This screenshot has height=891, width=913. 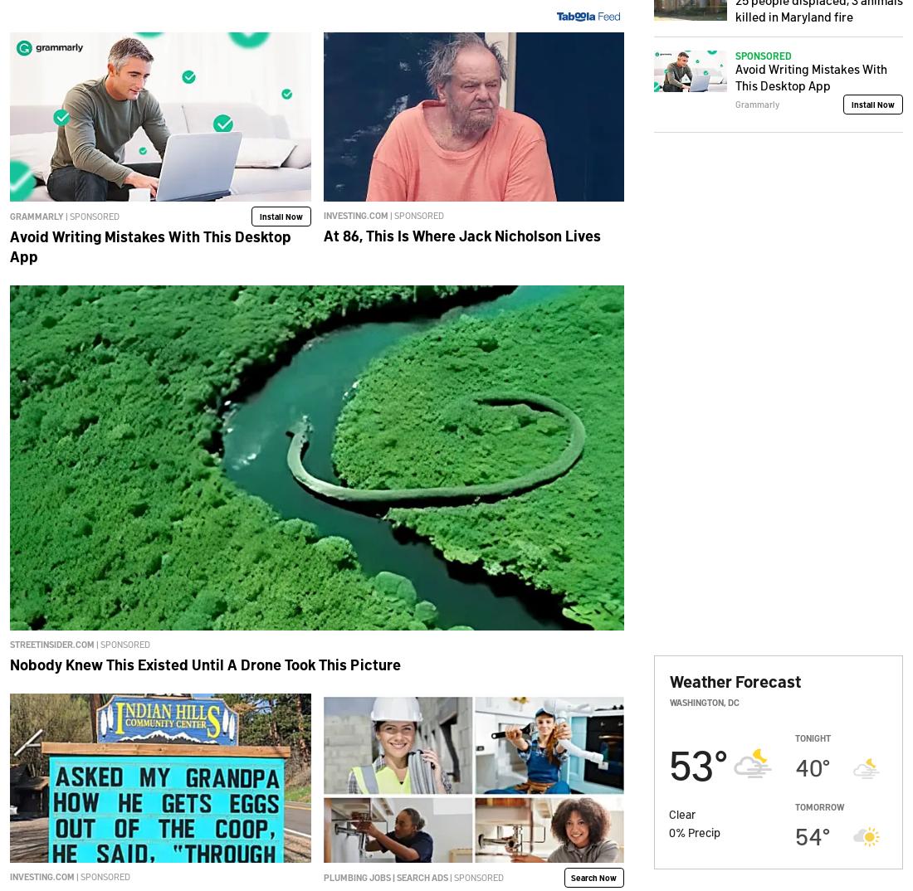 I want to click on 'Tomorrow', so click(x=818, y=806).